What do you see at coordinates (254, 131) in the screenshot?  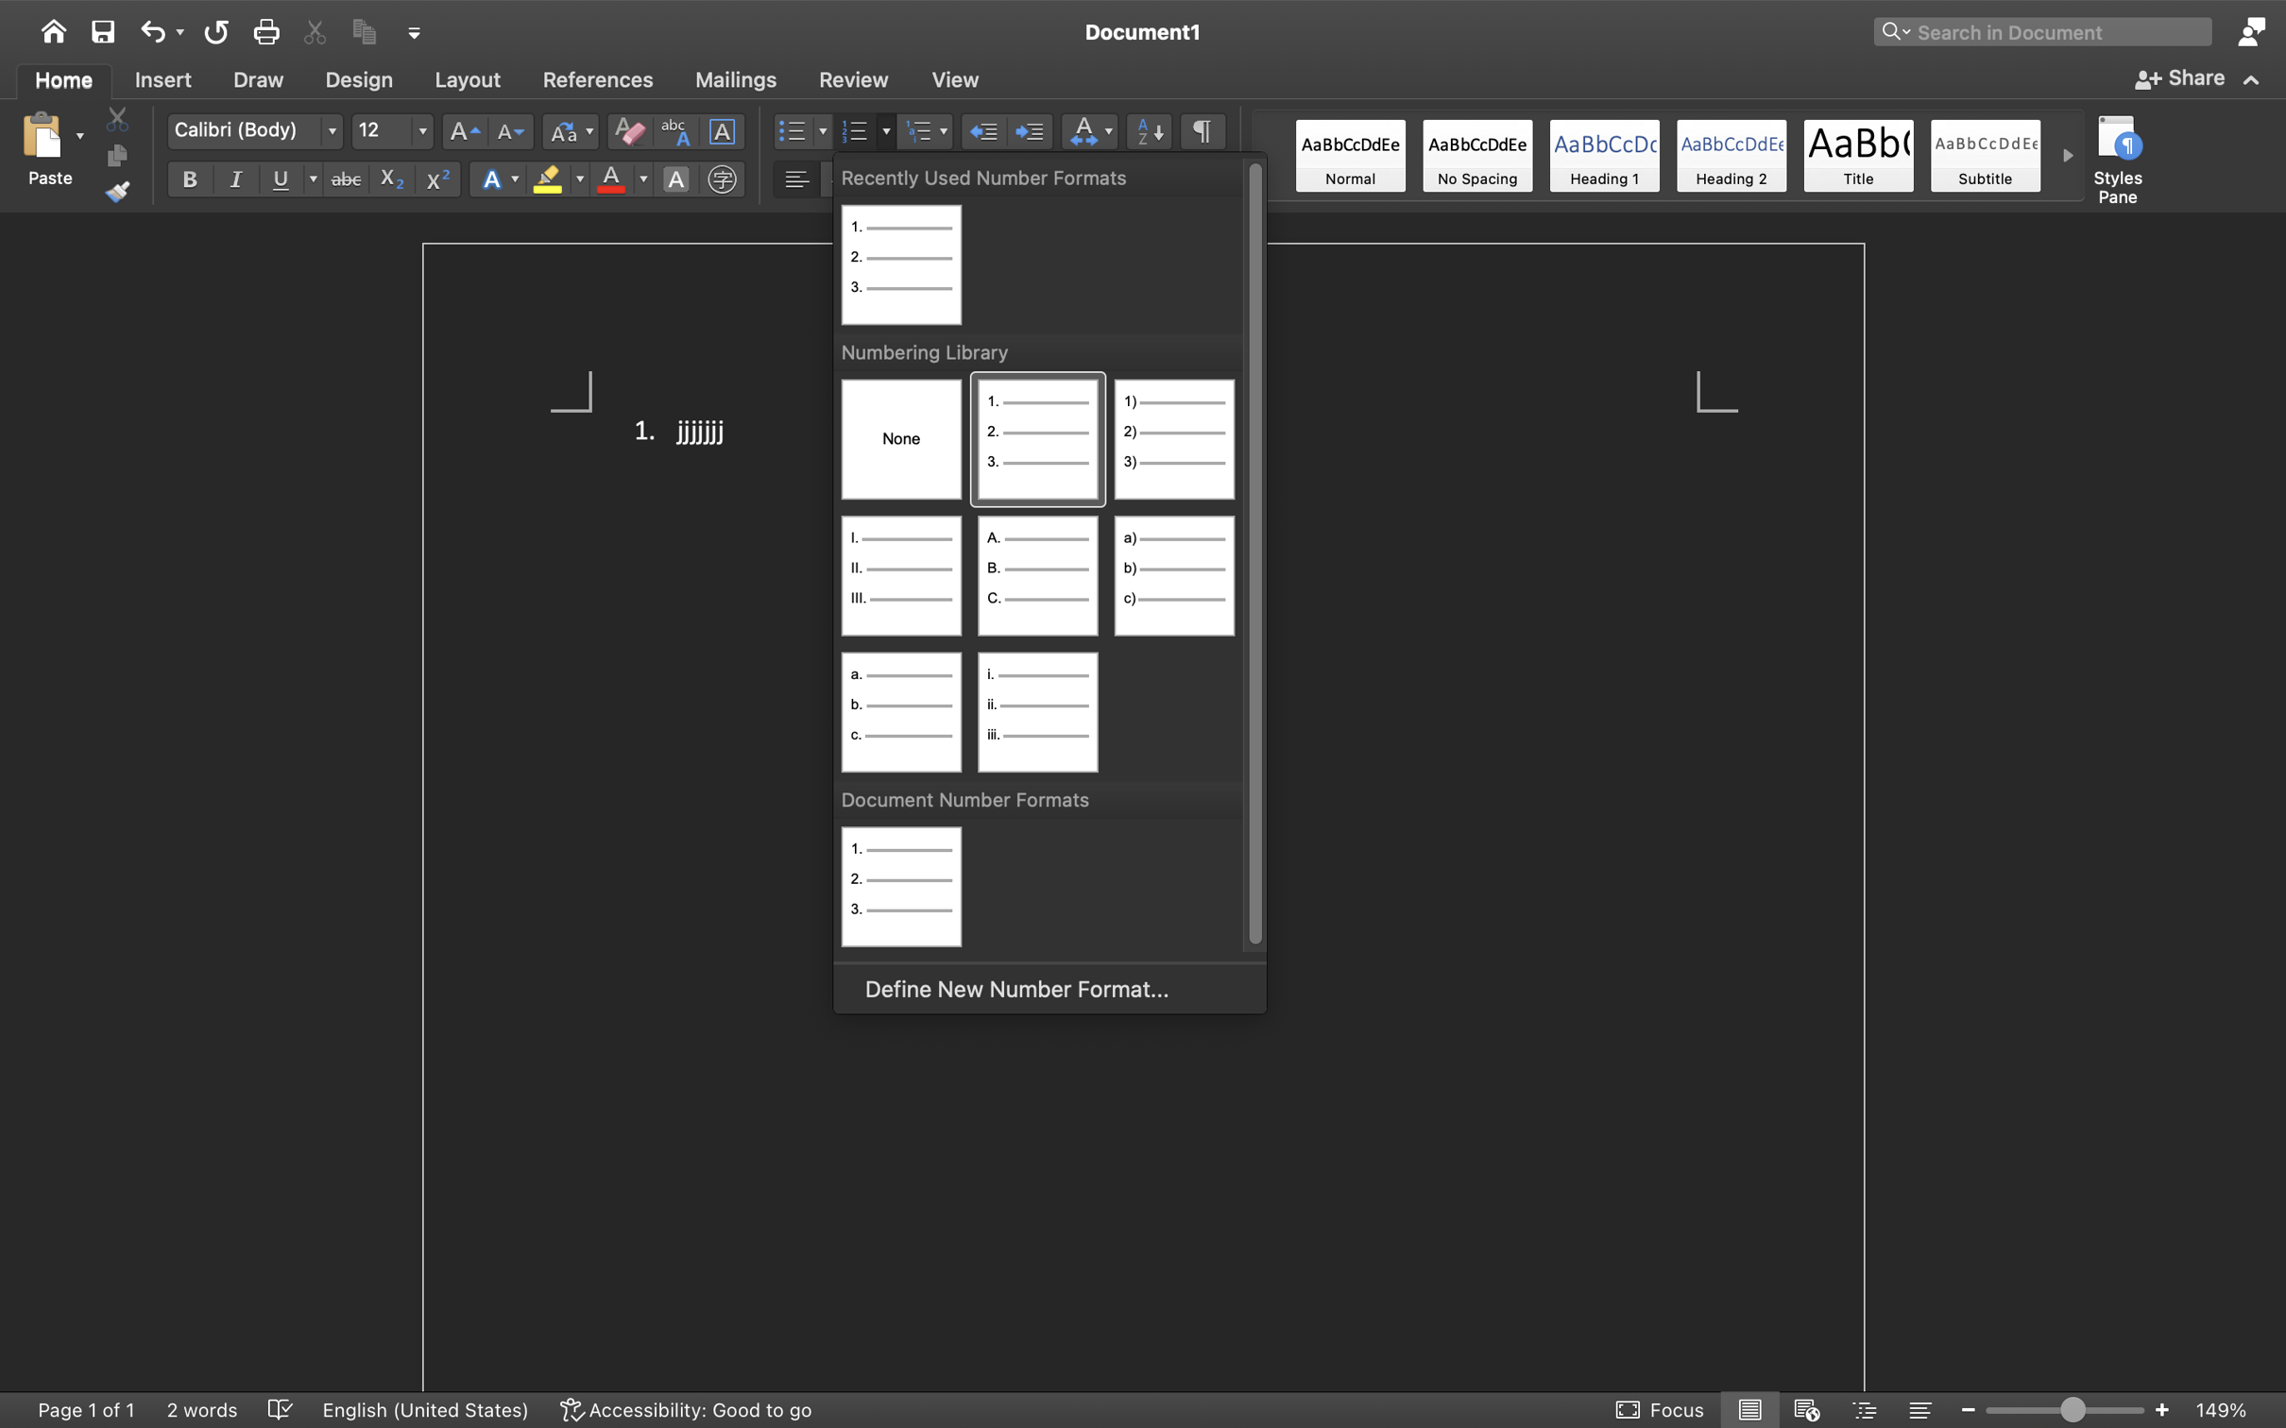 I see `'Calibri (Body)'` at bounding box center [254, 131].